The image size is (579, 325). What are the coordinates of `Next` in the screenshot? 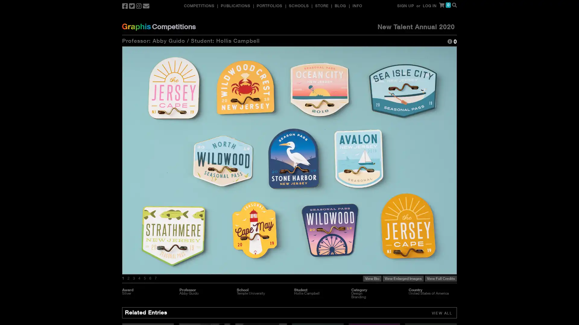 It's located at (406, 160).